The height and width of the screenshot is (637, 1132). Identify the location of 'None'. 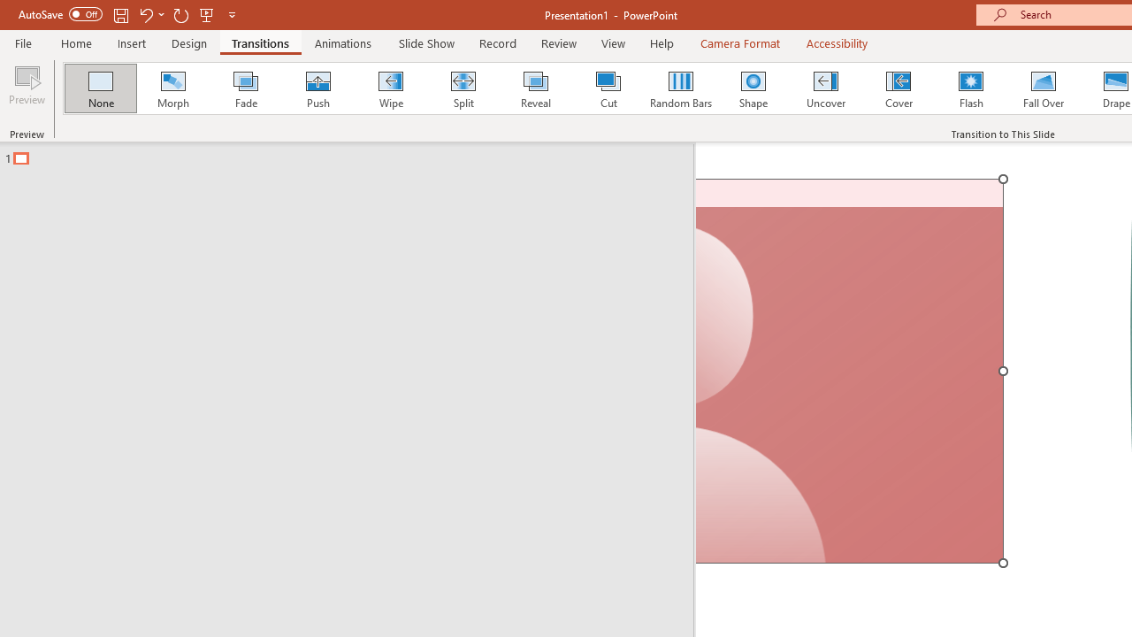
(99, 88).